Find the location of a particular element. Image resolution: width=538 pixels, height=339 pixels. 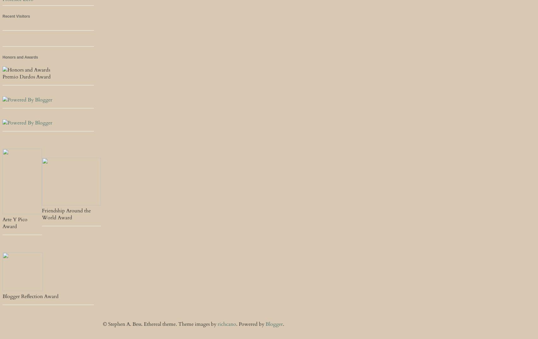

'Blogger' is located at coordinates (274, 324).